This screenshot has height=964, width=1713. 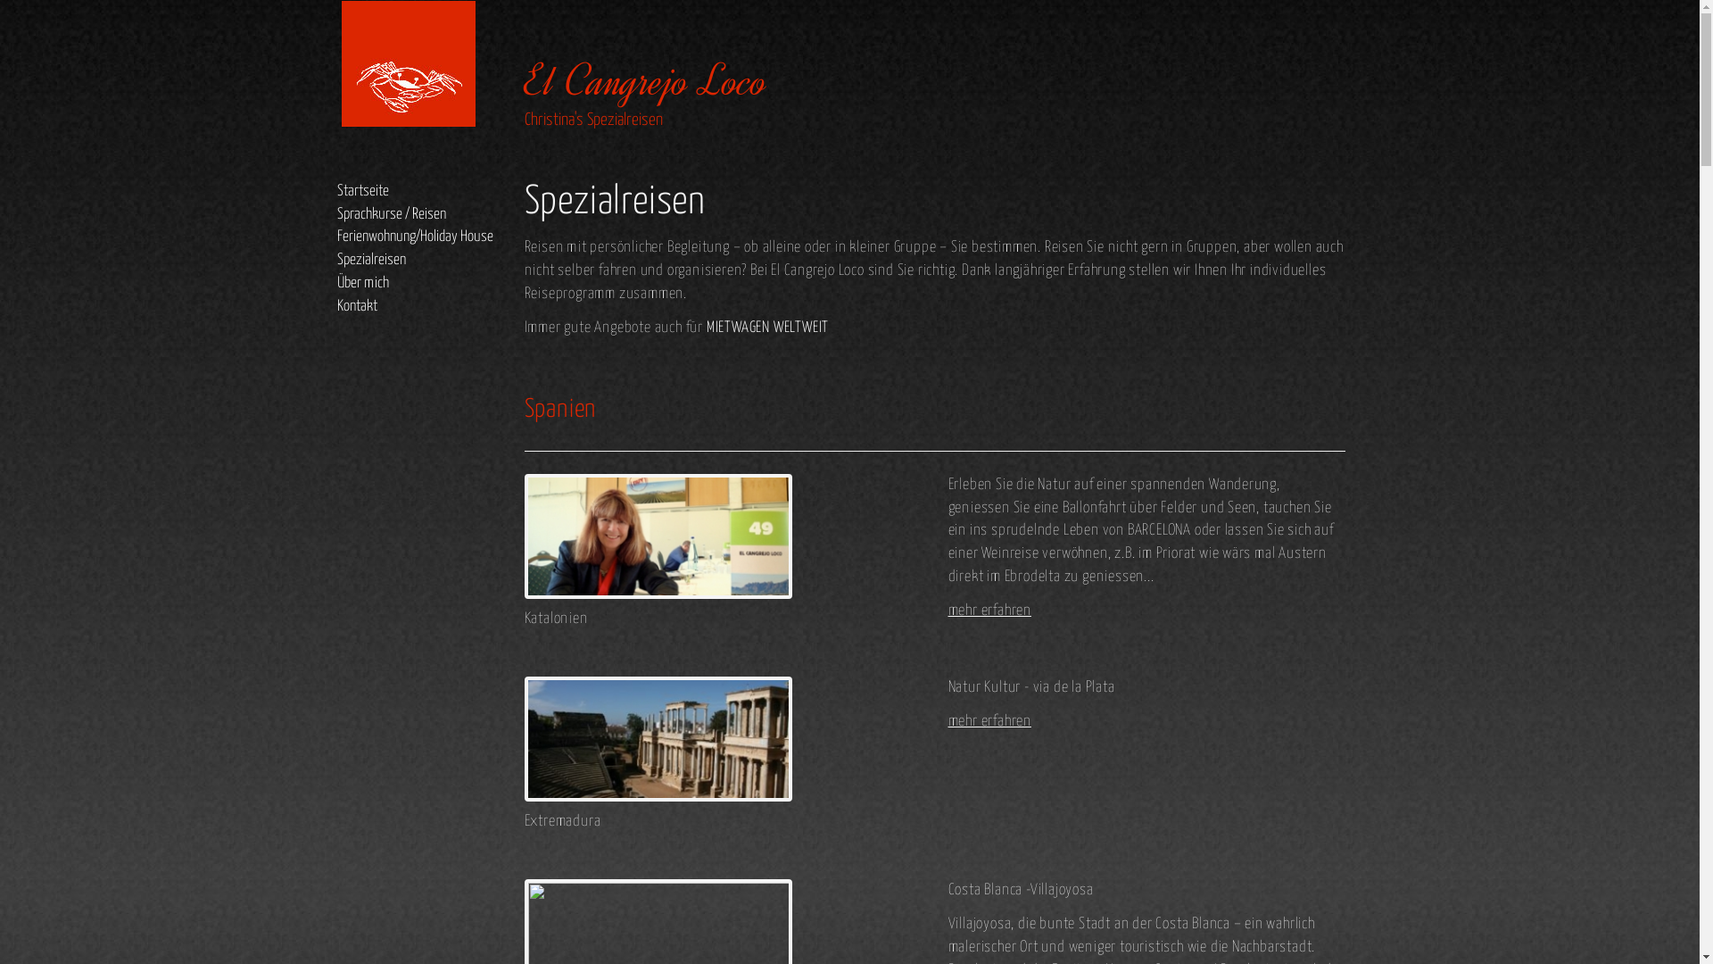 What do you see at coordinates (357, 305) in the screenshot?
I see `'Kontakt'` at bounding box center [357, 305].